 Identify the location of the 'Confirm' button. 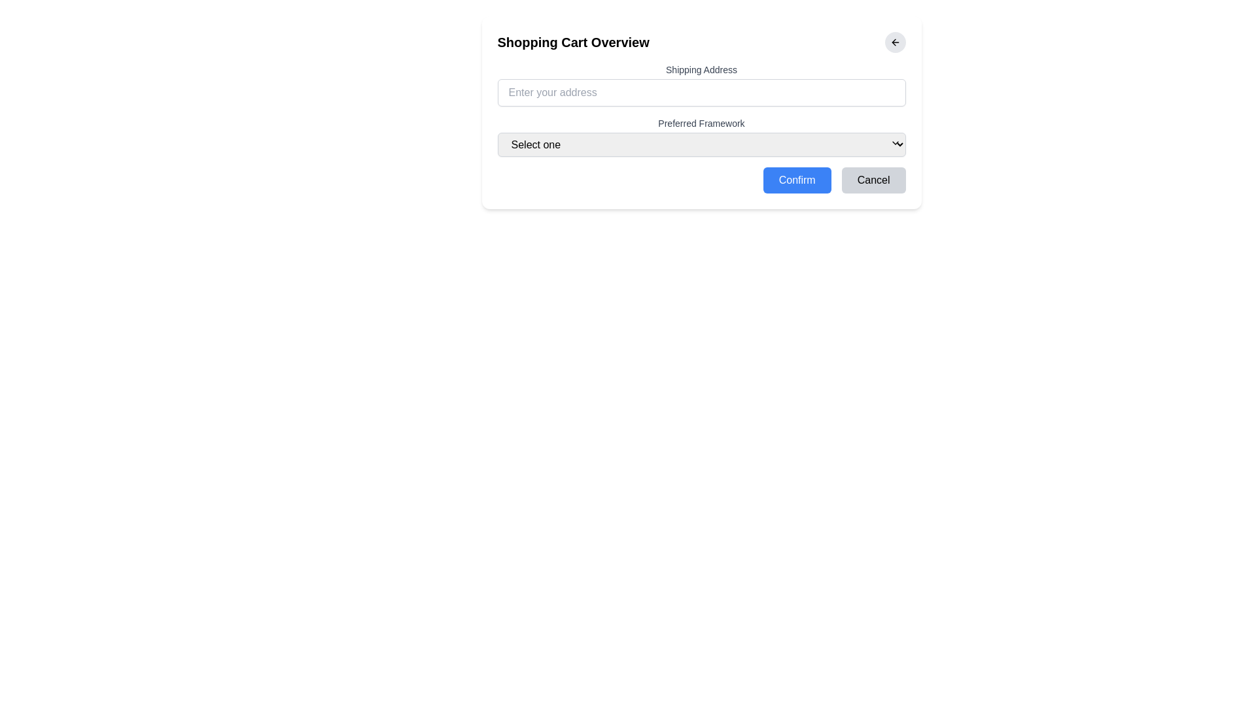
(796, 180).